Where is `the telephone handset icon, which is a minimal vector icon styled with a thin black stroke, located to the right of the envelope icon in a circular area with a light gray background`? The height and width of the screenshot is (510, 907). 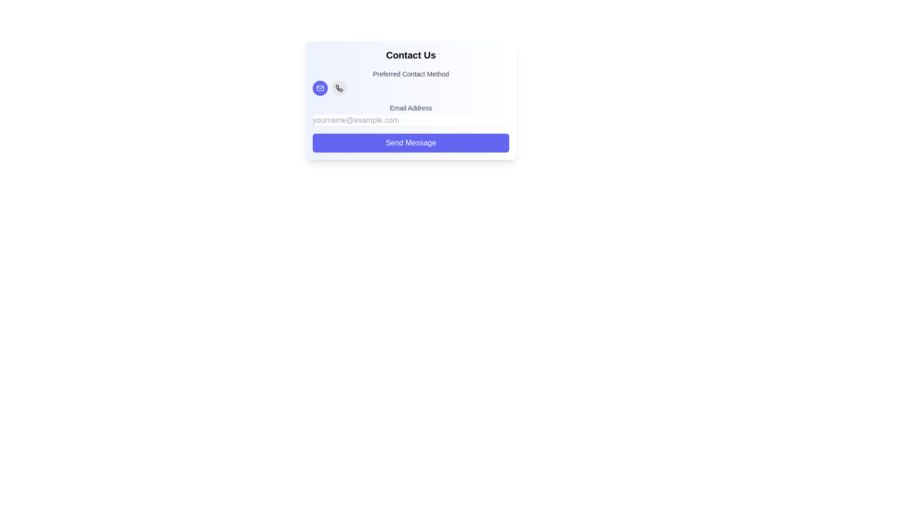 the telephone handset icon, which is a minimal vector icon styled with a thin black stroke, located to the right of the envelope icon in a circular area with a light gray background is located at coordinates (339, 88).